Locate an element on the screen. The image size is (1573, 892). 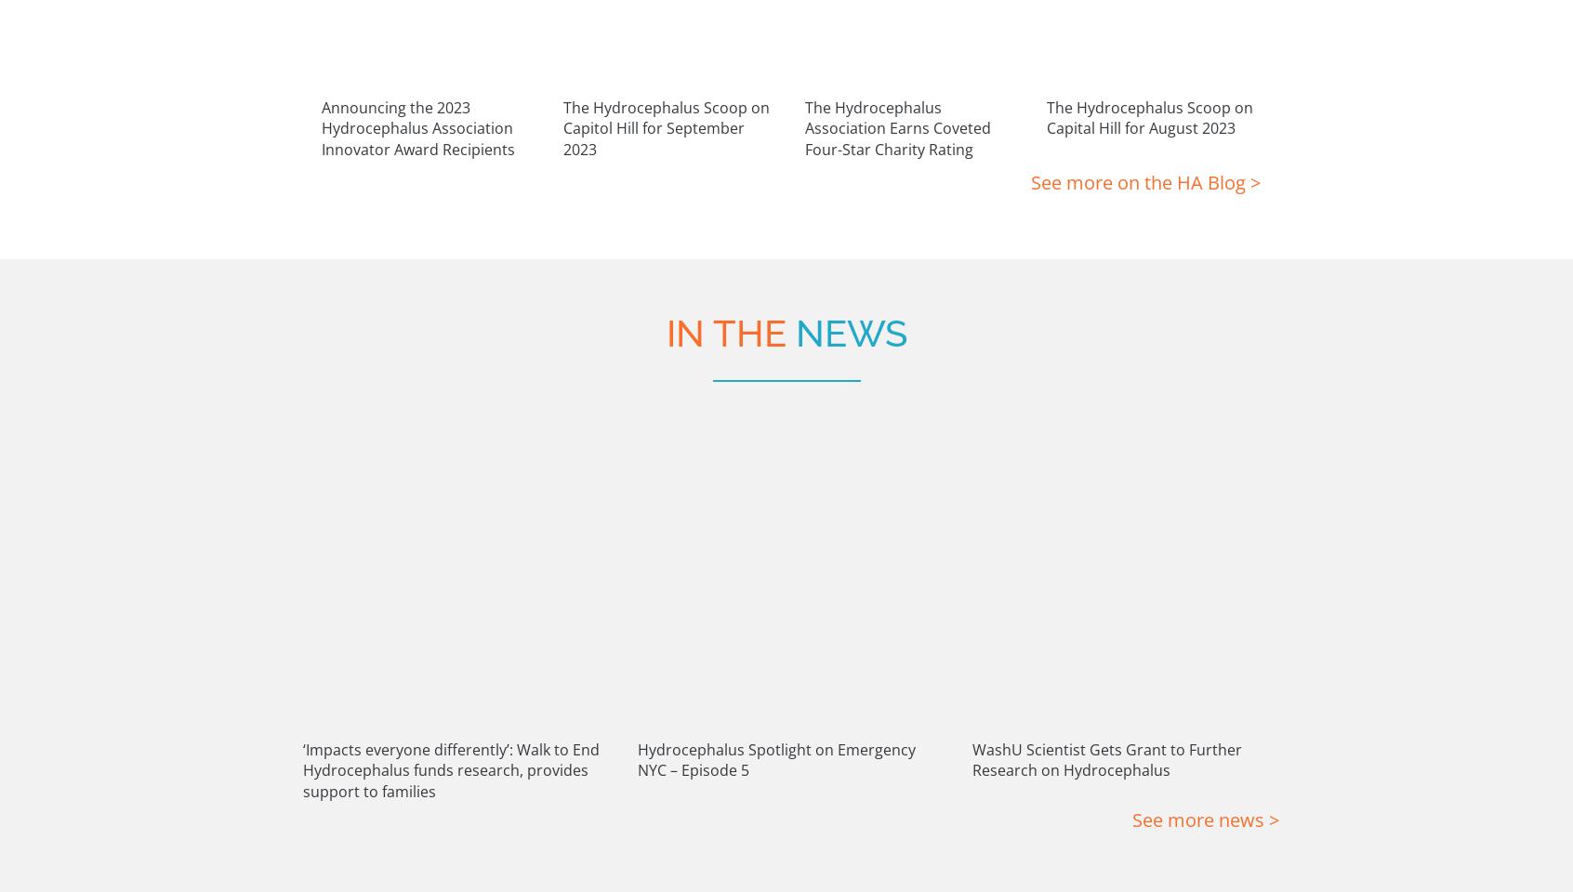
'+888-598-3789' is located at coordinates (1194, 797).